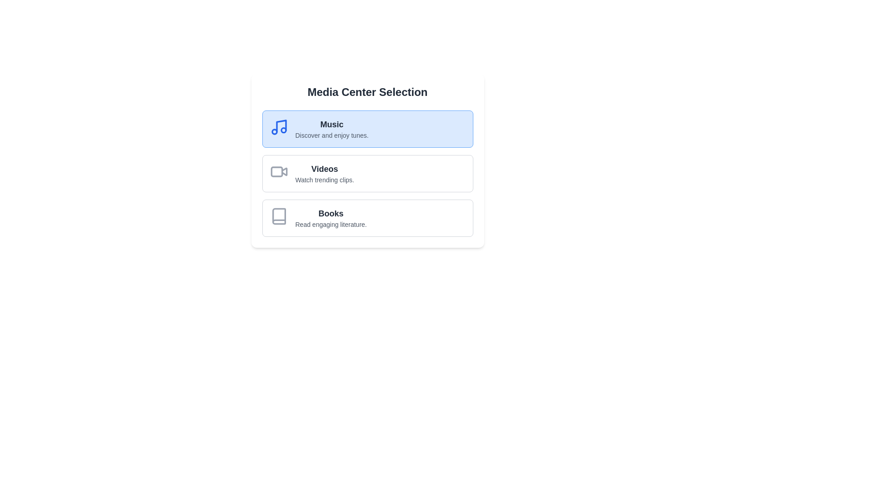 The width and height of the screenshot is (873, 491). Describe the element at coordinates (278, 216) in the screenshot. I see `the book icon represented as an SVG graphic with a gray stroke, located at the top-left corner of the 'Books' card` at that location.